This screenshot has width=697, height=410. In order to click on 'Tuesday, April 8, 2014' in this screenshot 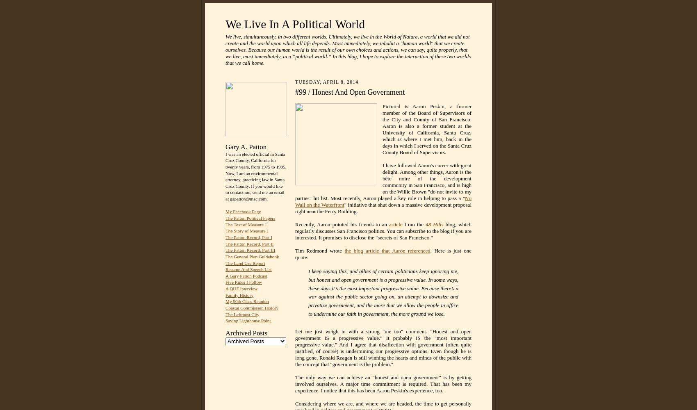, I will do `click(326, 82)`.